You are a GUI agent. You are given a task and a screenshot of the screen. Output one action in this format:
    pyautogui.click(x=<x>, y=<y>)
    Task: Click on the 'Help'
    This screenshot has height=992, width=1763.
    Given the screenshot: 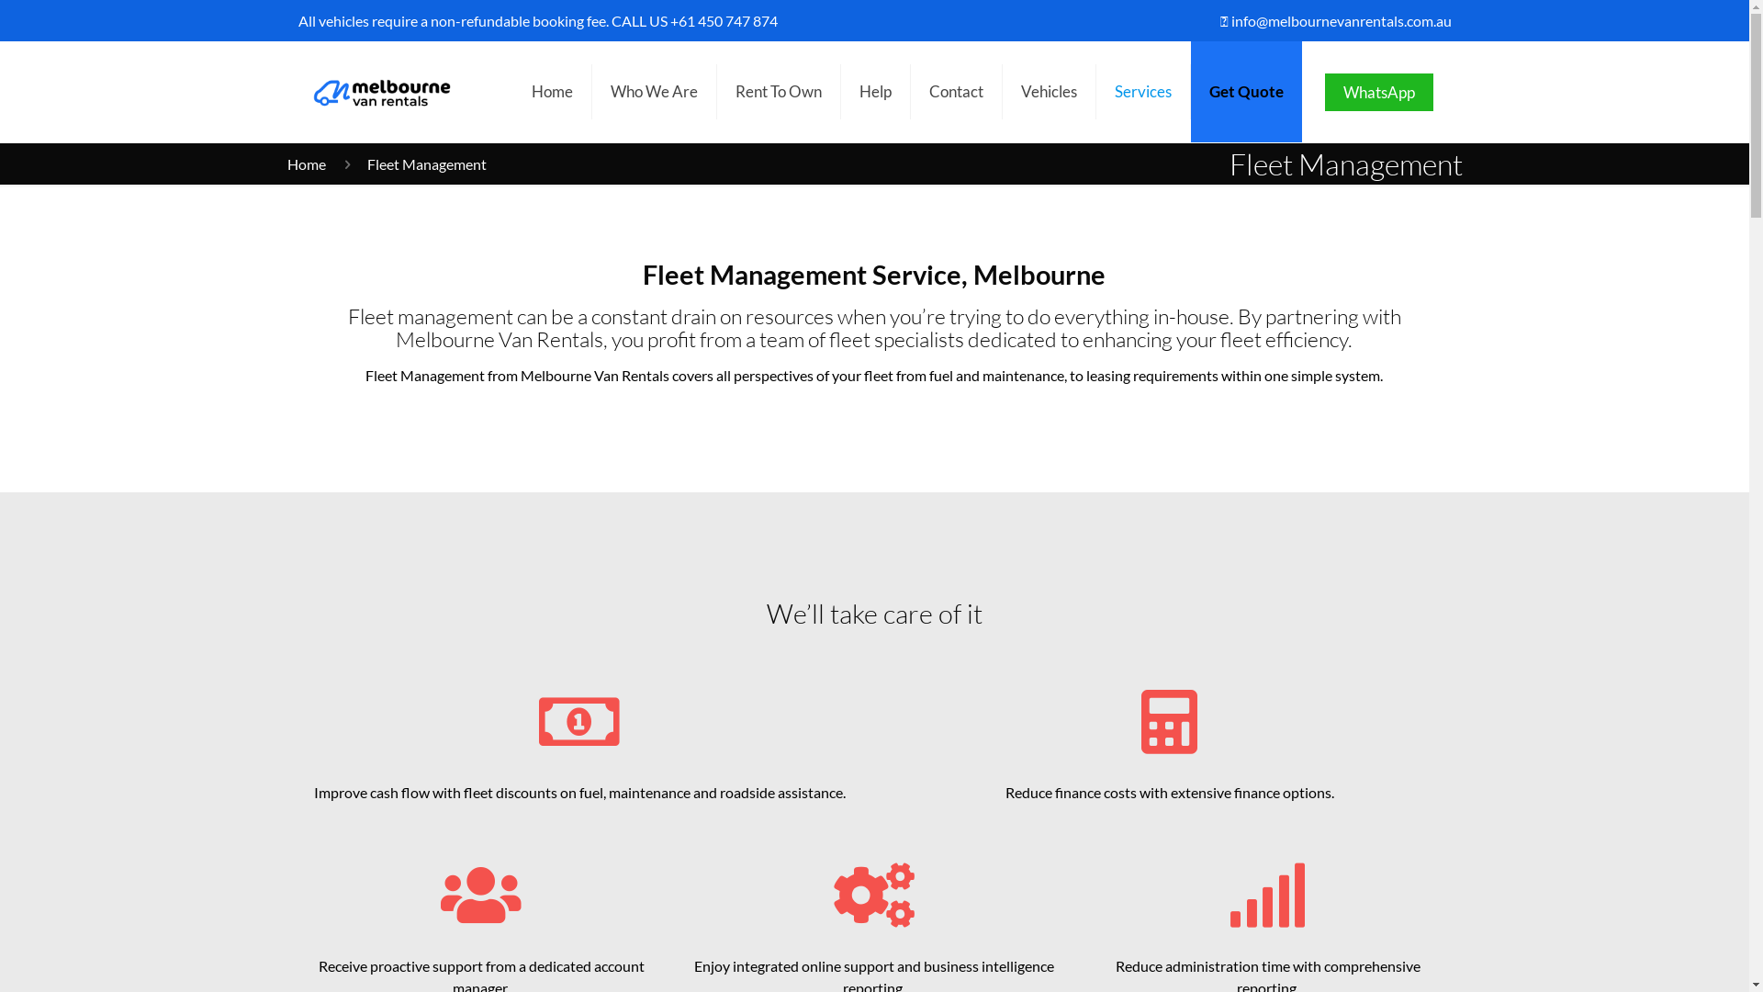 What is the action you would take?
    pyautogui.click(x=840, y=92)
    